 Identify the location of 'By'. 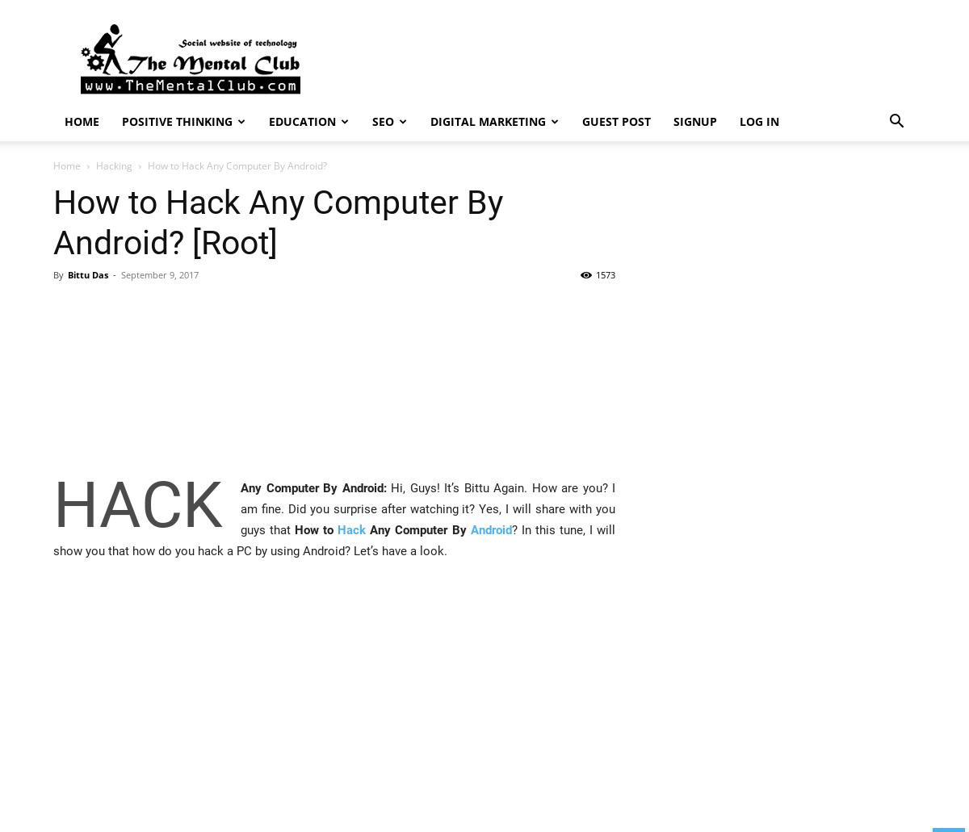
(58, 274).